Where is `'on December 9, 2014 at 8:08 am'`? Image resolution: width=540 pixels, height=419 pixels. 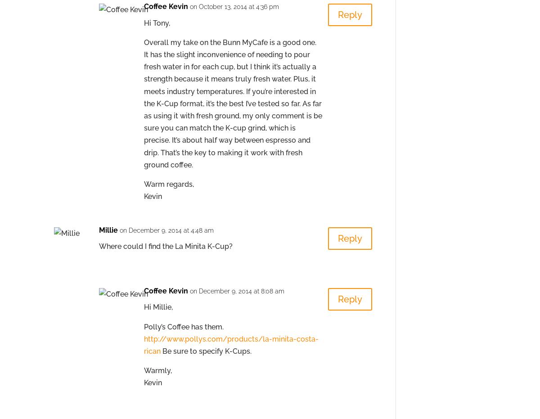 'on December 9, 2014 at 8:08 am' is located at coordinates (190, 291).